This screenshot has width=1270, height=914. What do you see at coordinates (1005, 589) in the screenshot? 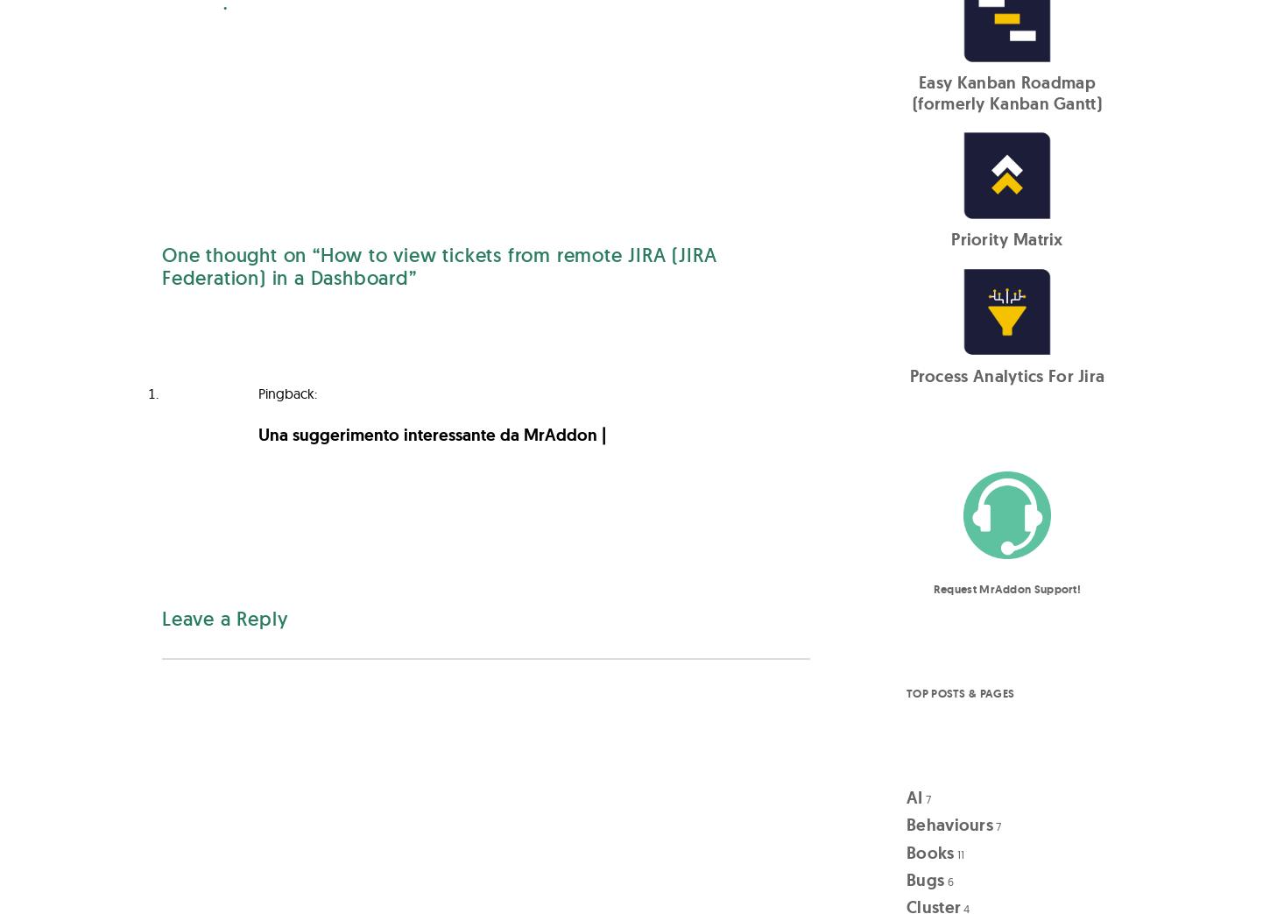
I see `'Request MrAddon Support!'` at bounding box center [1005, 589].